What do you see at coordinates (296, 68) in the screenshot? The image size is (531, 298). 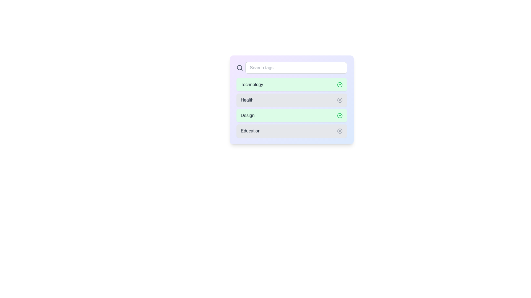 I see `the search input field to focus it` at bounding box center [296, 68].